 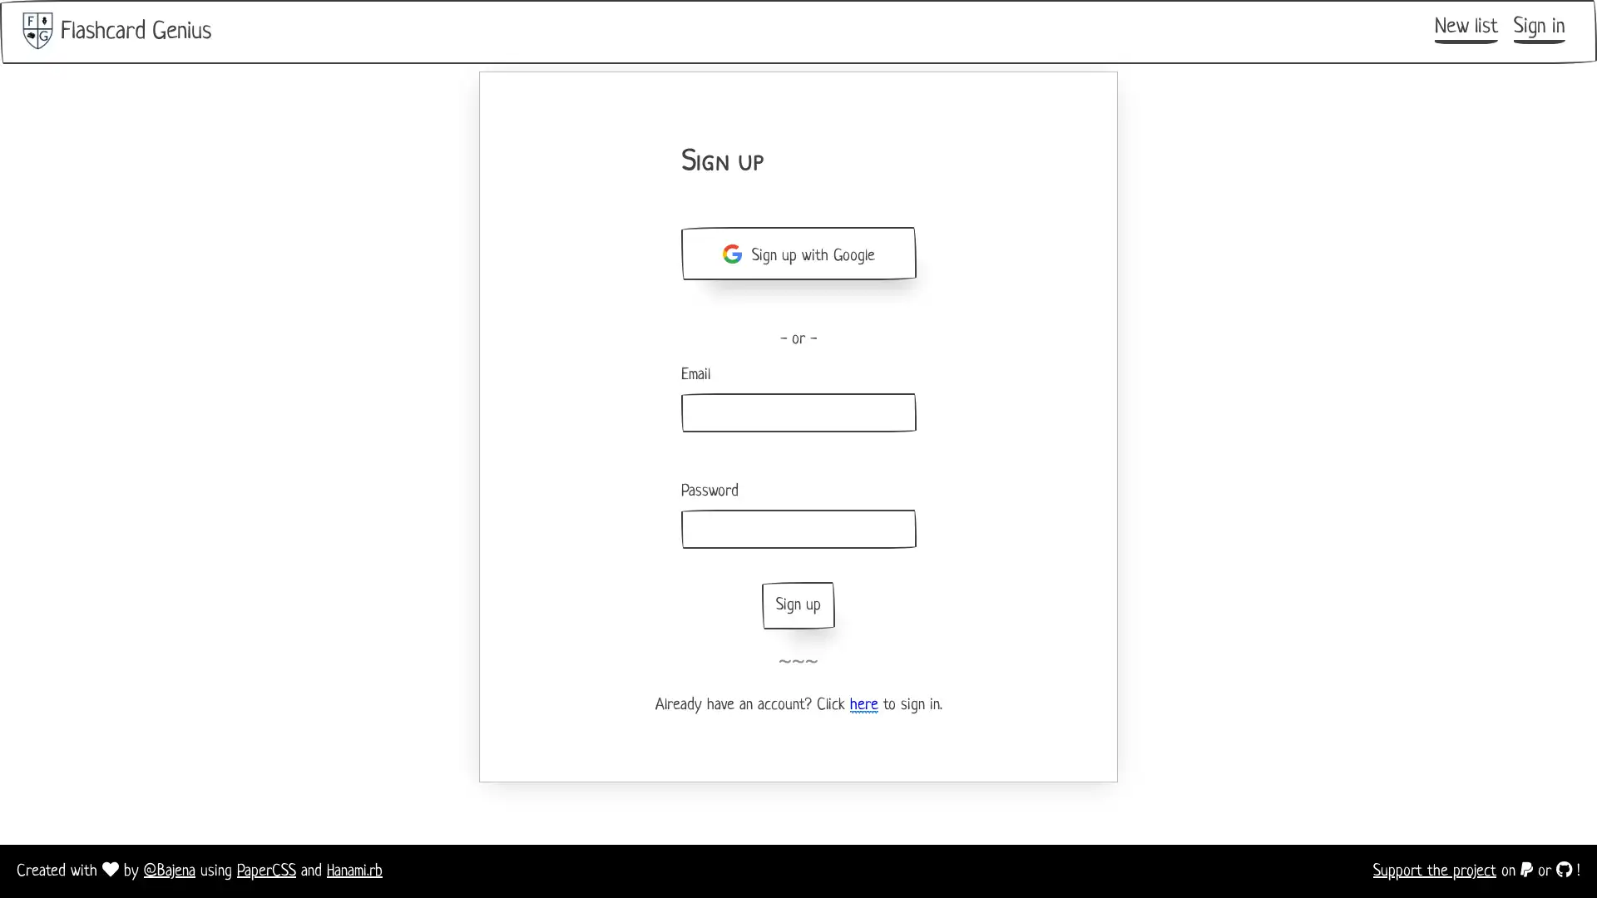 What do you see at coordinates (798, 605) in the screenshot?
I see `Sign up` at bounding box center [798, 605].